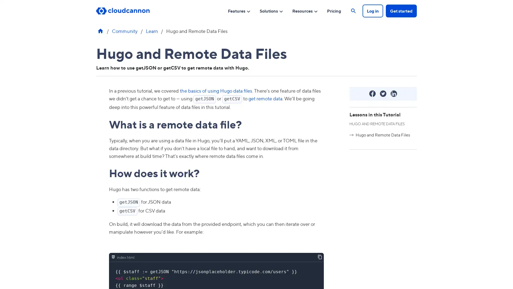 Image resolution: width=513 pixels, height=289 pixels. I want to click on Features, so click(239, 10).